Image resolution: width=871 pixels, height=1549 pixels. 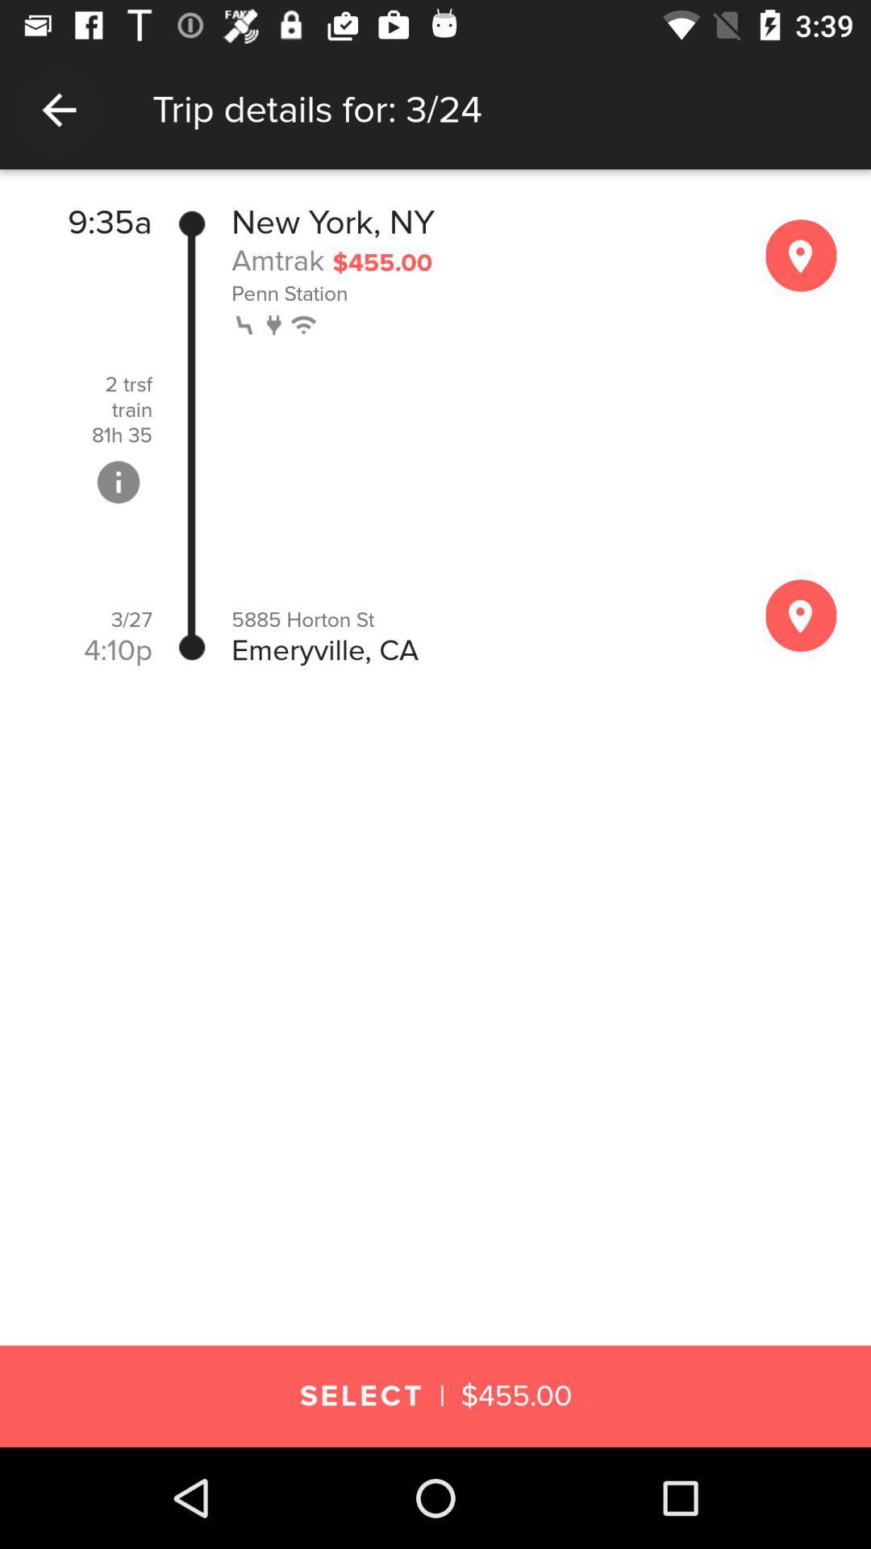 What do you see at coordinates (117, 650) in the screenshot?
I see `the 4:10p` at bounding box center [117, 650].